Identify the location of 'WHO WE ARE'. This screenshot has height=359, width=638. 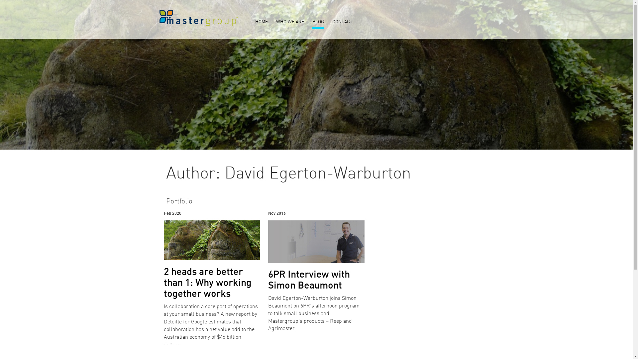
(290, 22).